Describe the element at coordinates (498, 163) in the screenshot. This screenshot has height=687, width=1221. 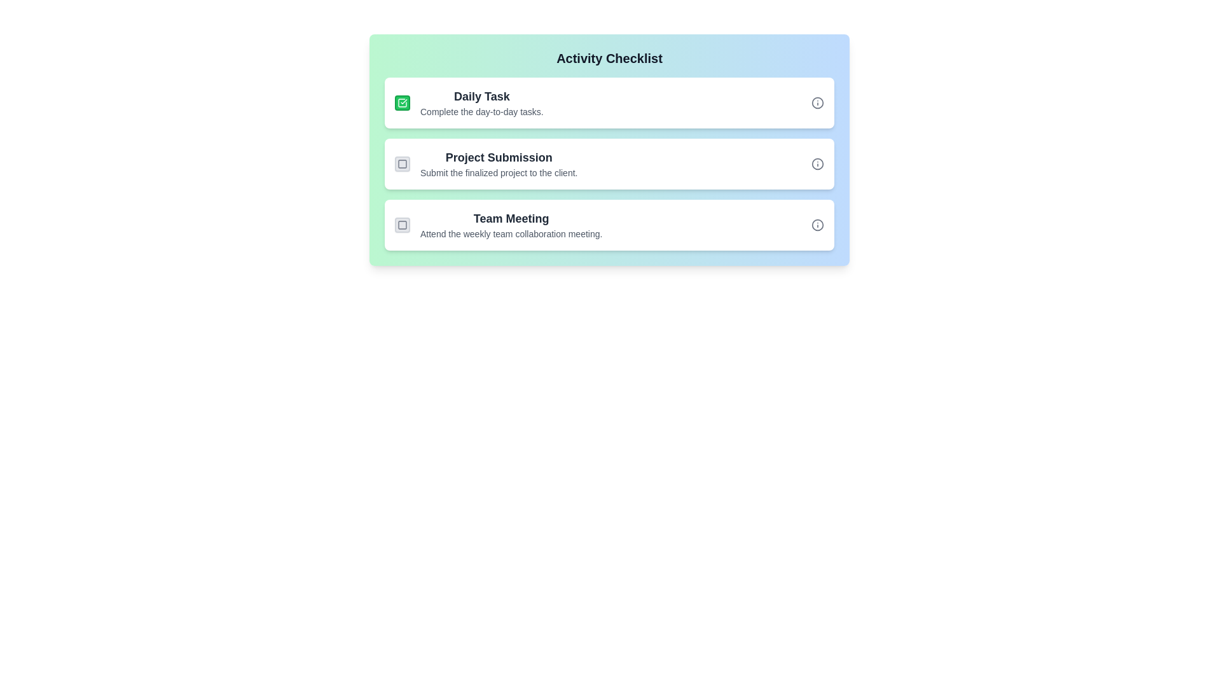
I see `the Informational Text Display` at that location.